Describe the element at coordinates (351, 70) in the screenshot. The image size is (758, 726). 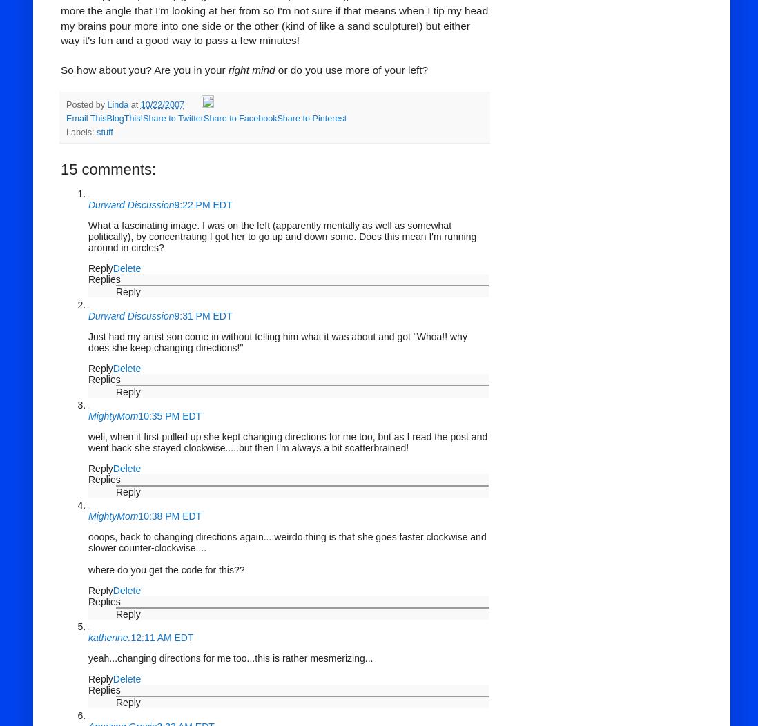
I see `'or do you use more of your left?'` at that location.